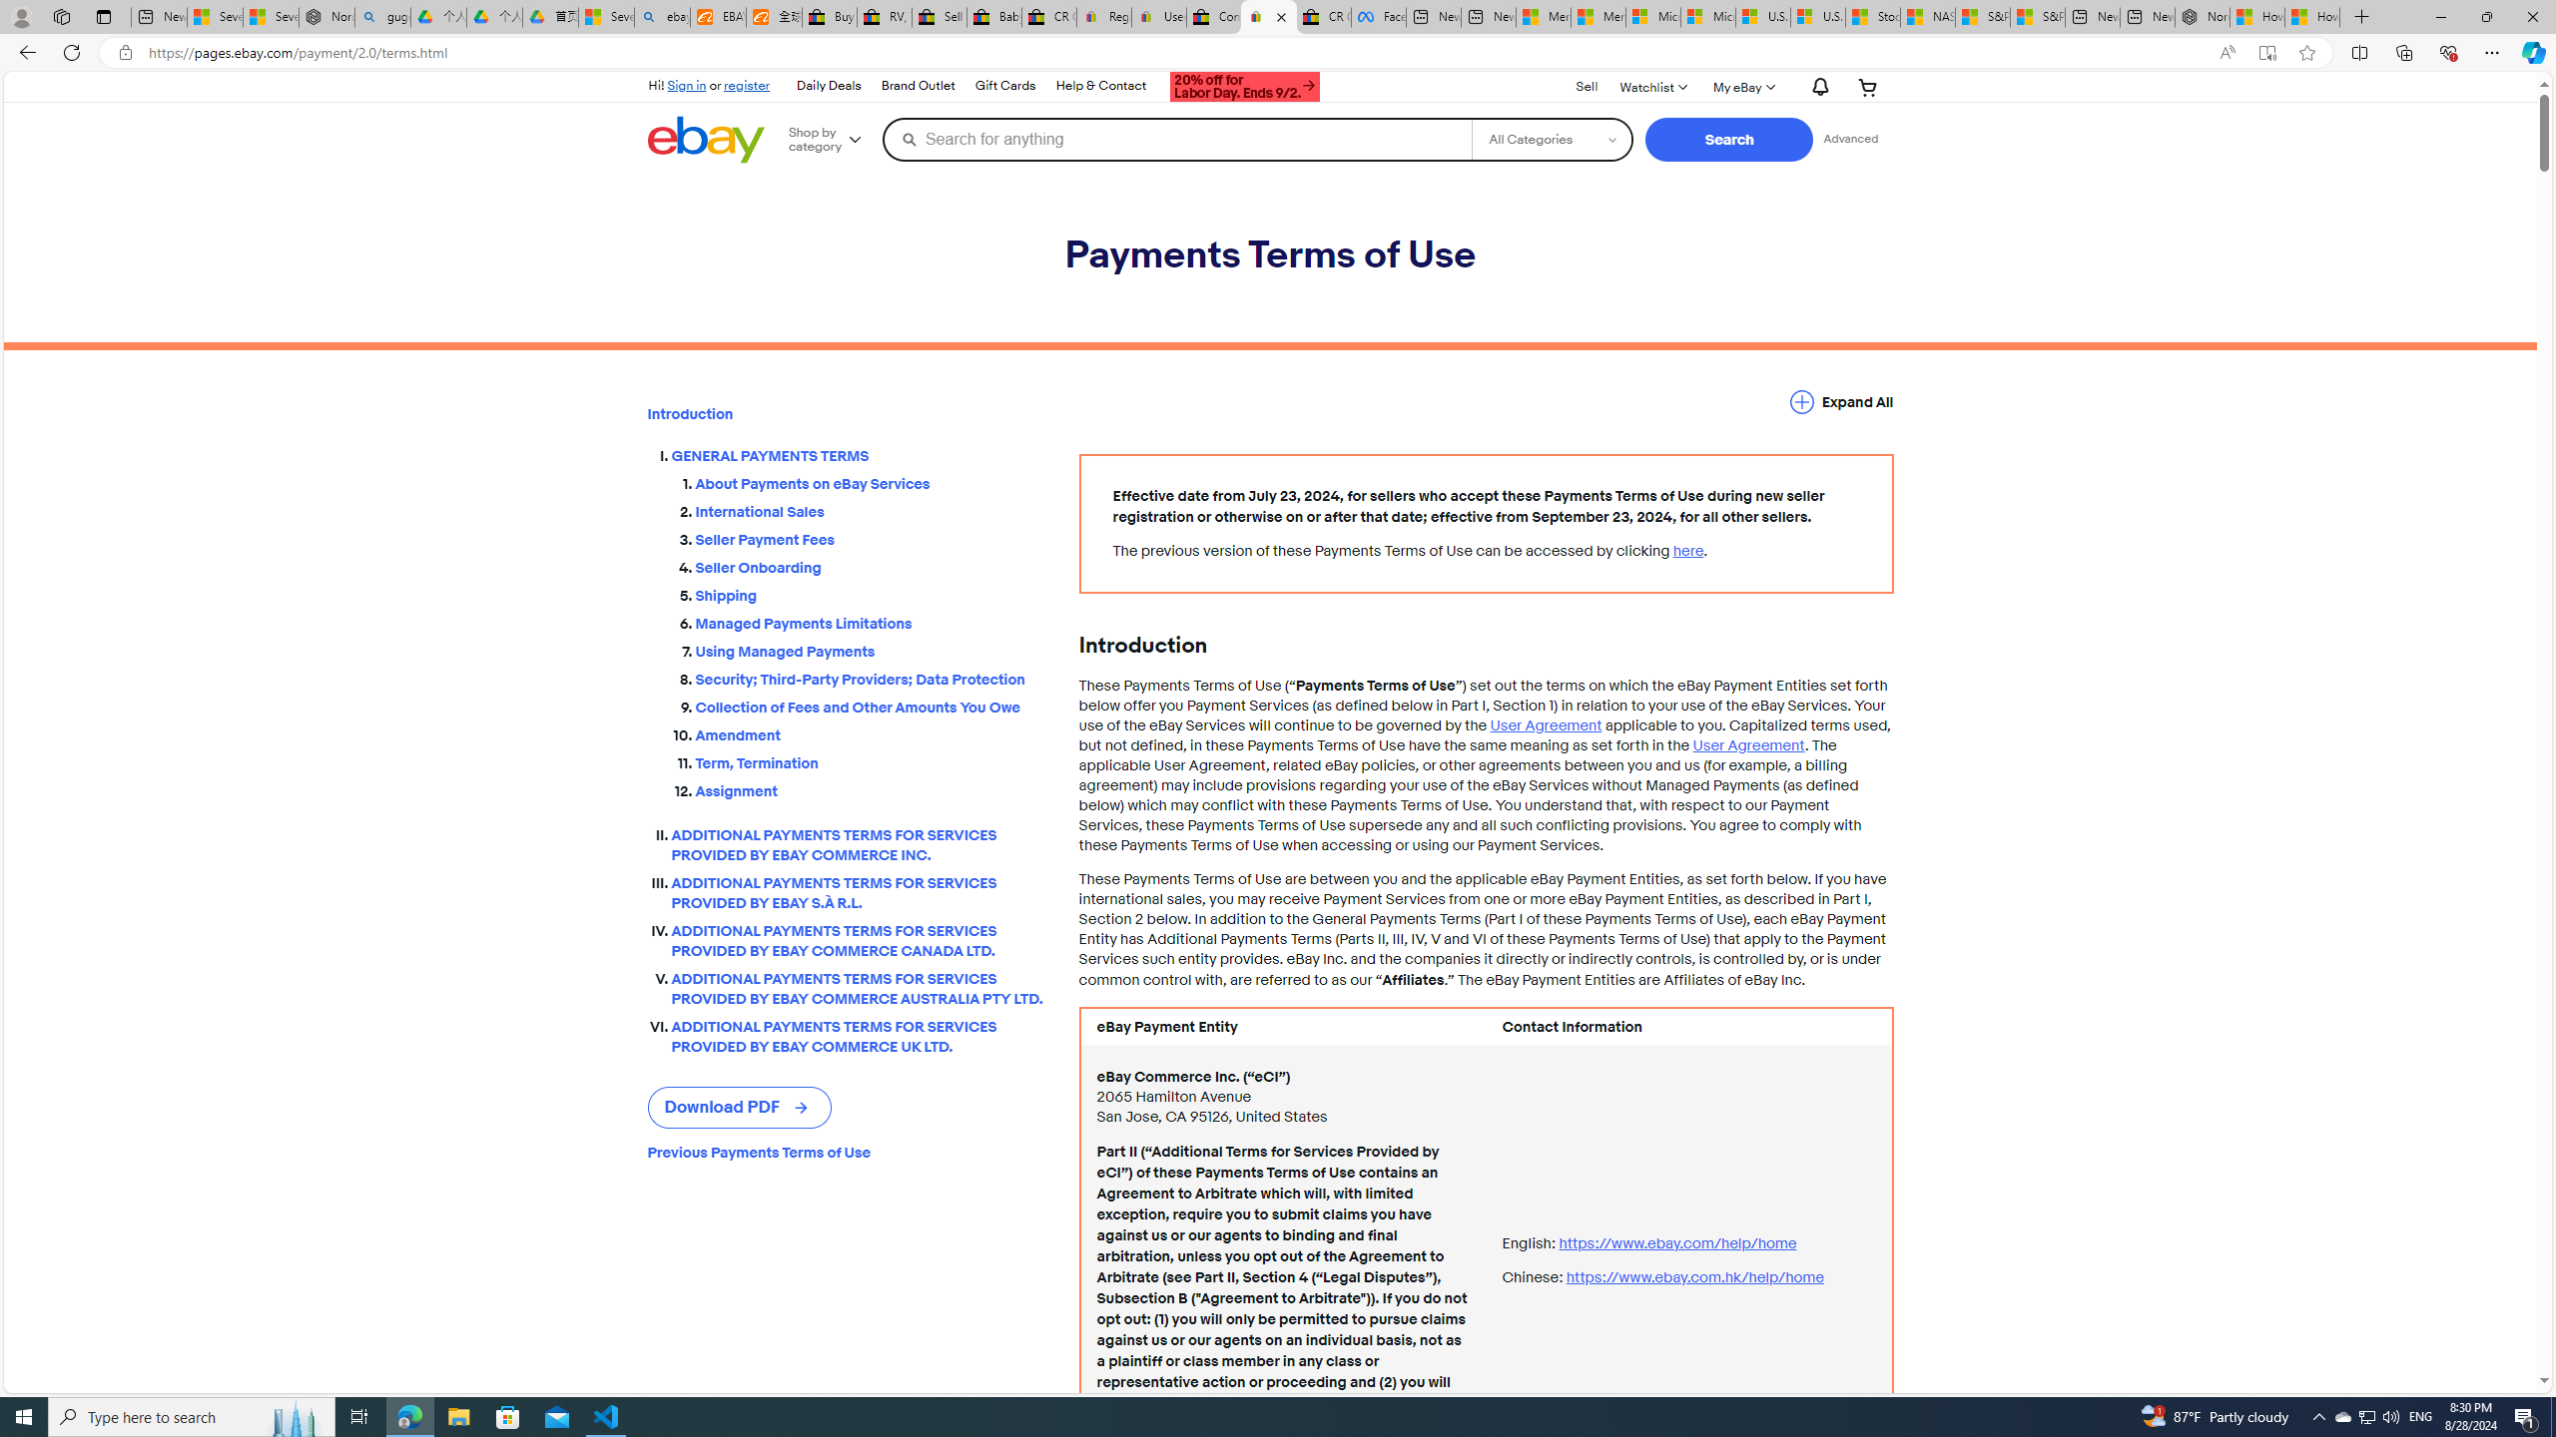 This screenshot has height=1437, width=2556. Describe the element at coordinates (1868, 87) in the screenshot. I see `'Your shopping cart'` at that location.